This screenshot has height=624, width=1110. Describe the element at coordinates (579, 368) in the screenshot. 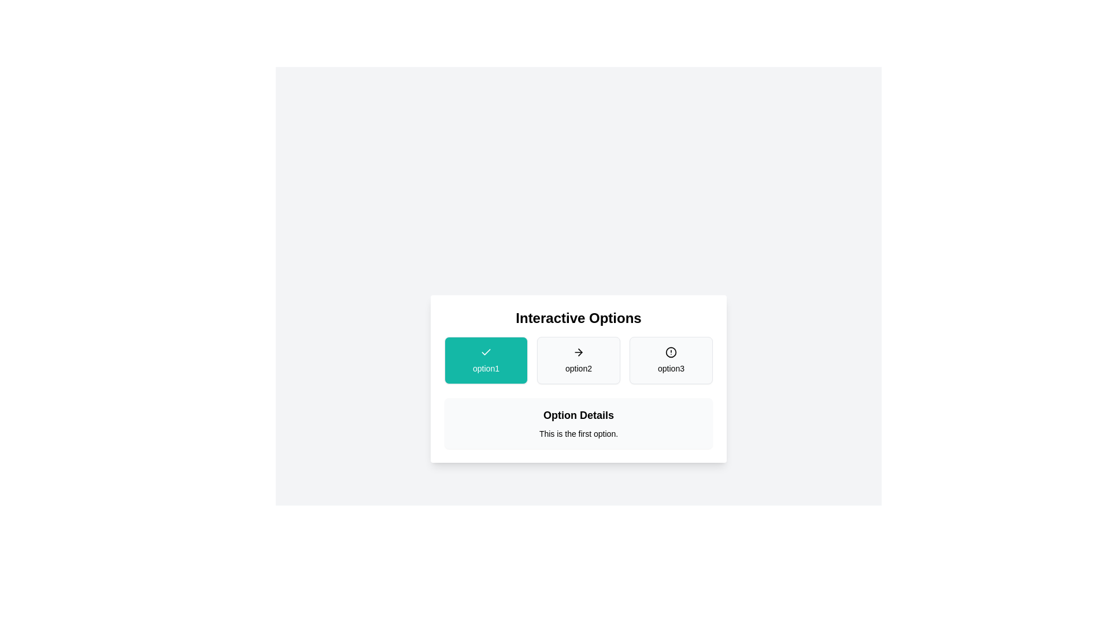

I see `the static text label displaying 'option2', which is located below an arrow-shaped icon within a card-like structure` at that location.